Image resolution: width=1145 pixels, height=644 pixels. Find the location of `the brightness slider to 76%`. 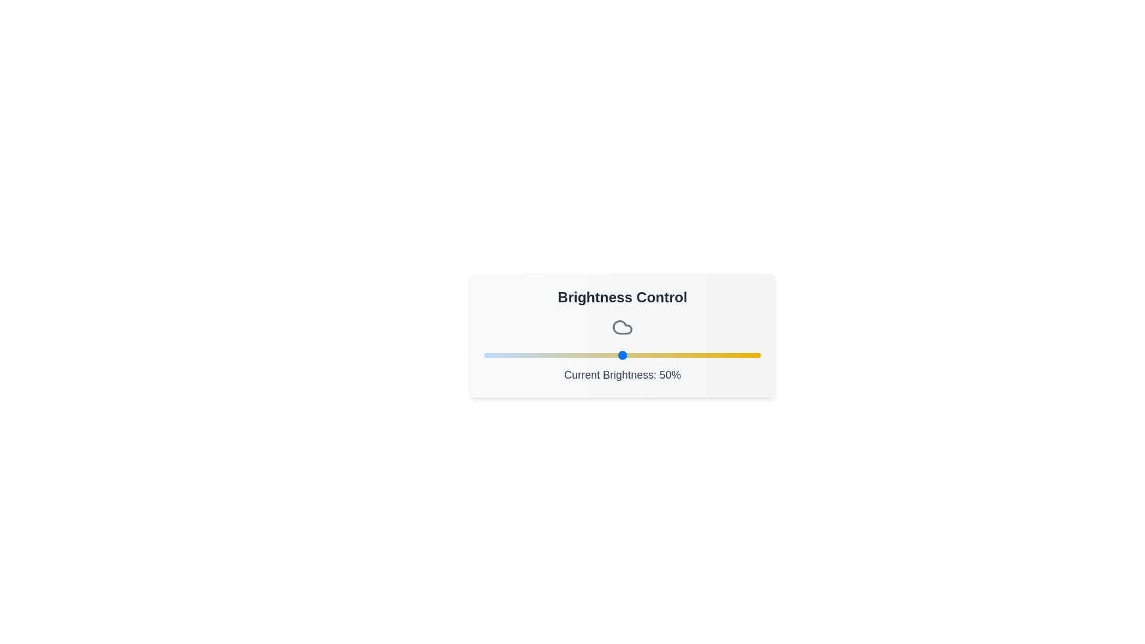

the brightness slider to 76% is located at coordinates (694, 355).